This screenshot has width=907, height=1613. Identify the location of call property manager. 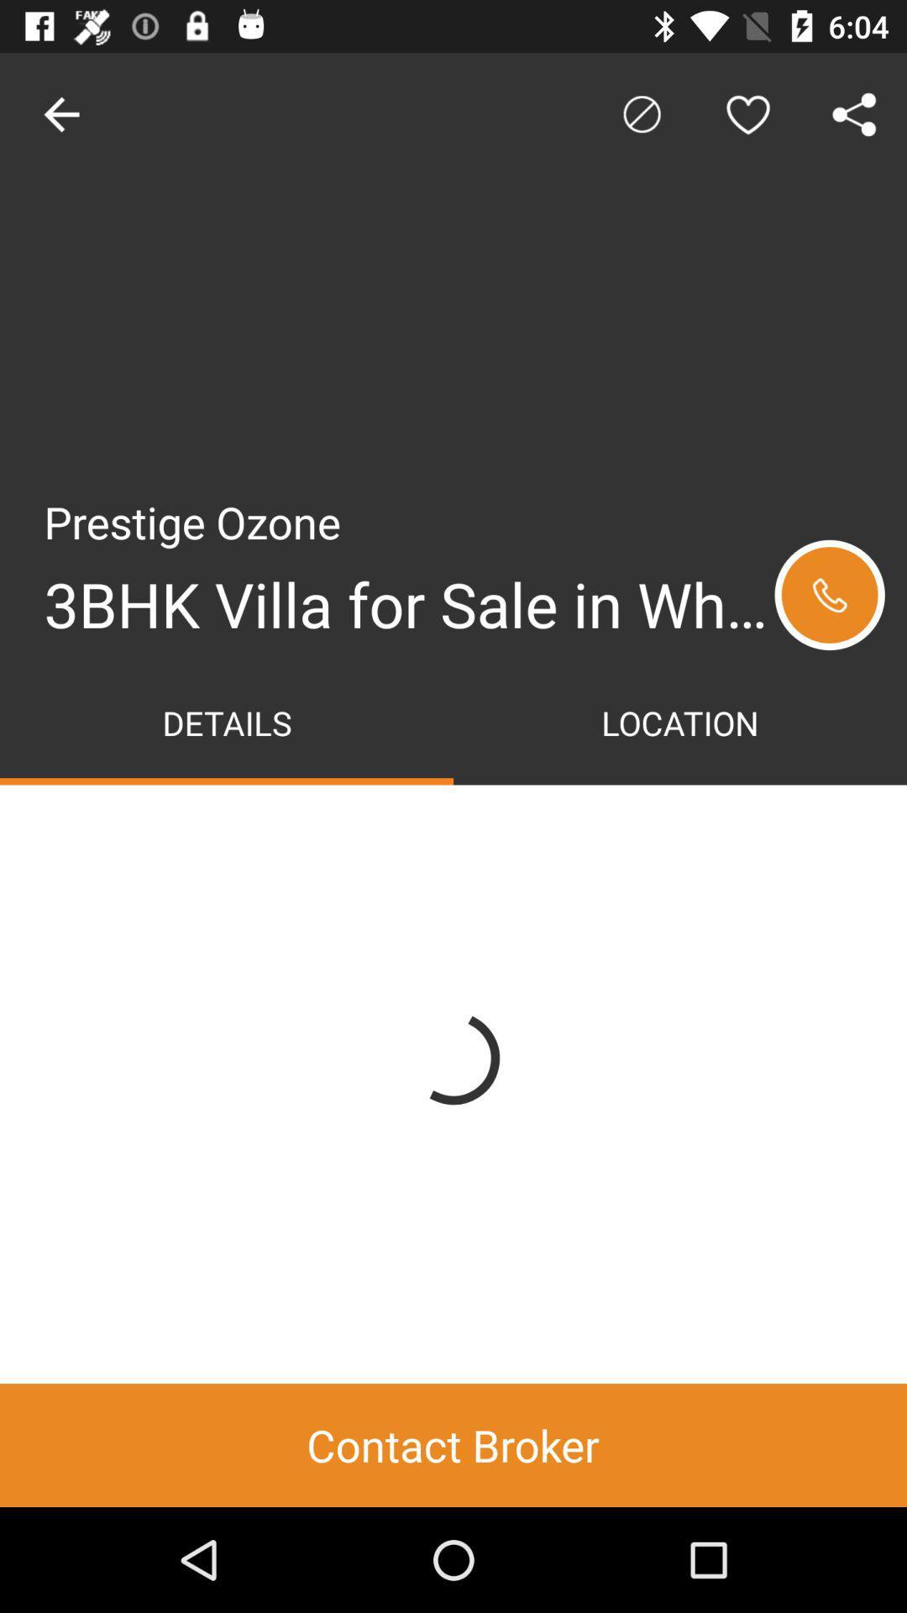
(829, 595).